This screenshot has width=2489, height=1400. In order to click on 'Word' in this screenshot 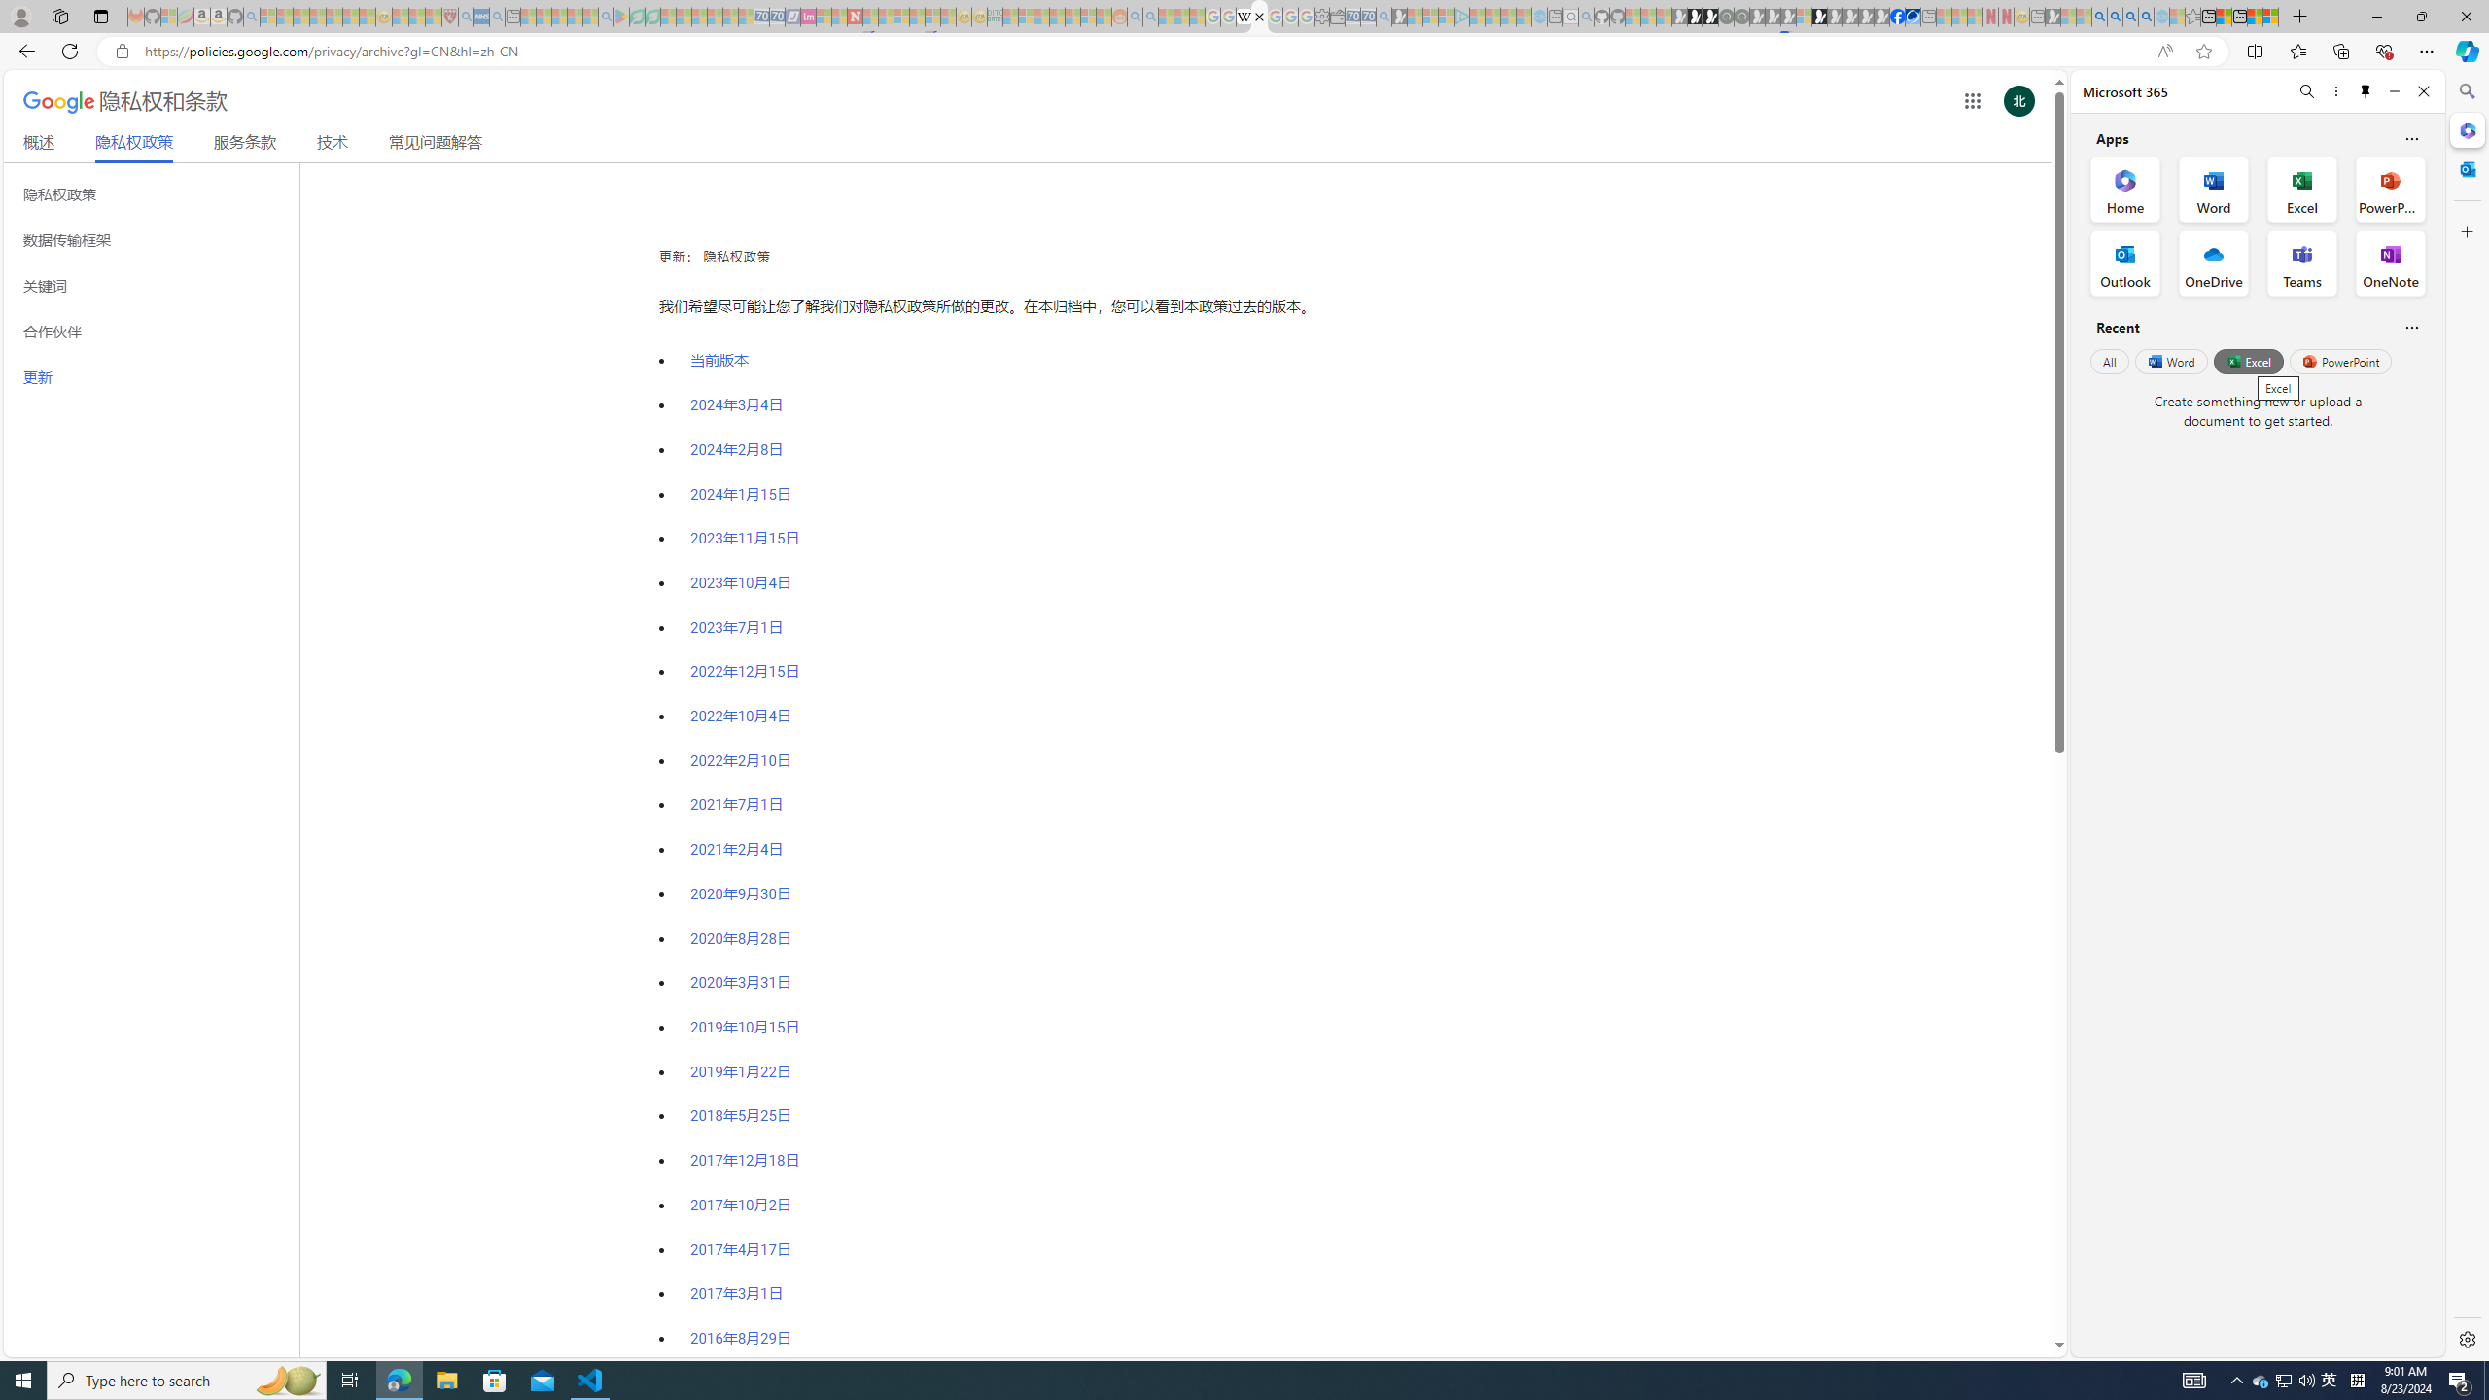, I will do `click(2169, 361)`.